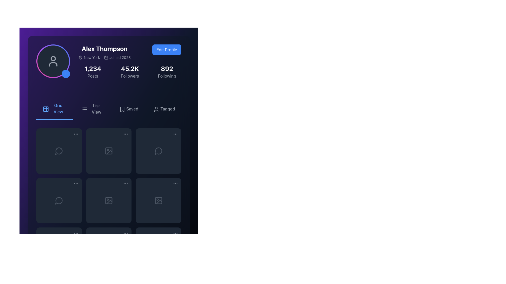  Describe the element at coordinates (59, 201) in the screenshot. I see `the chat or comment icon located in the bottom-left cell of the grid layout` at that location.